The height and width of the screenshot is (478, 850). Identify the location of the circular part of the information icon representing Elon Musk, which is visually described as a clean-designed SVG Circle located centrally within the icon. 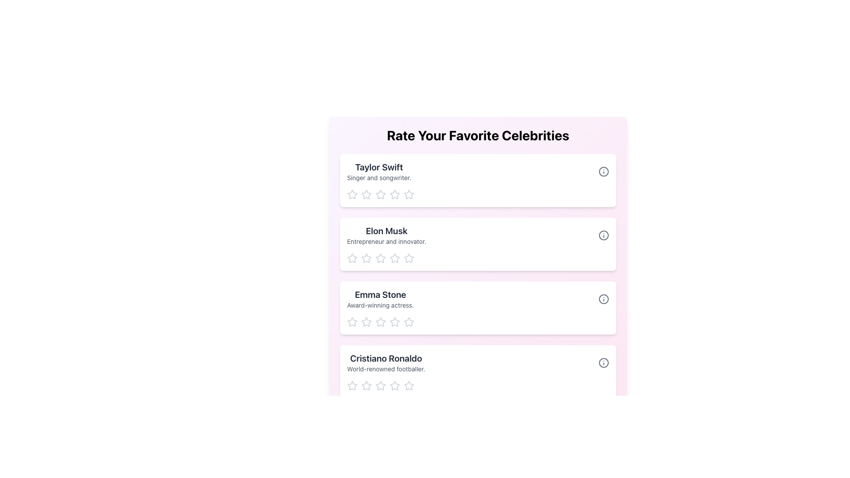
(603, 235).